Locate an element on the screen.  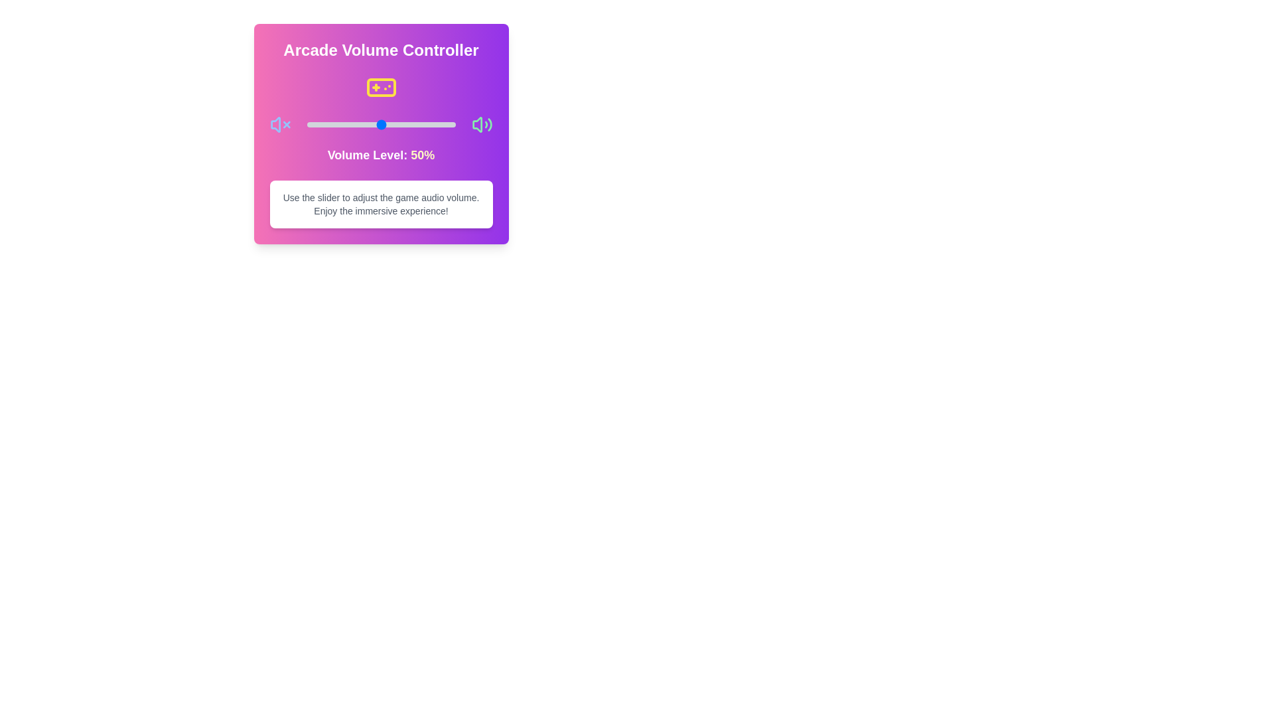
the volume to 45% by dragging the slider is located at coordinates (373, 125).